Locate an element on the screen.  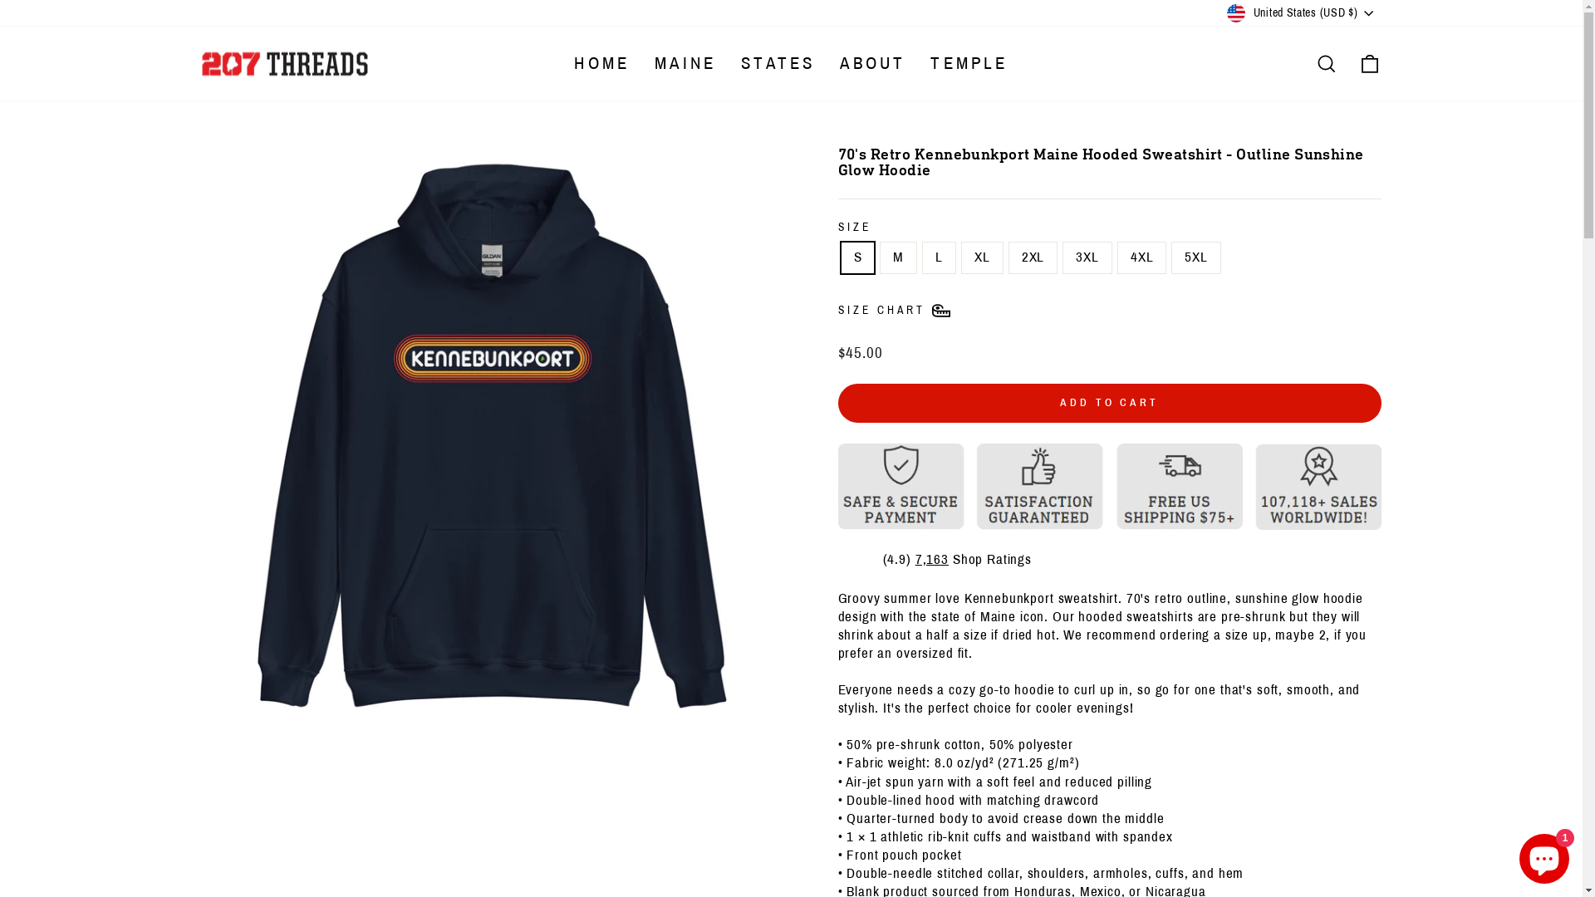
'Shopify online store chat' is located at coordinates (1543, 855).